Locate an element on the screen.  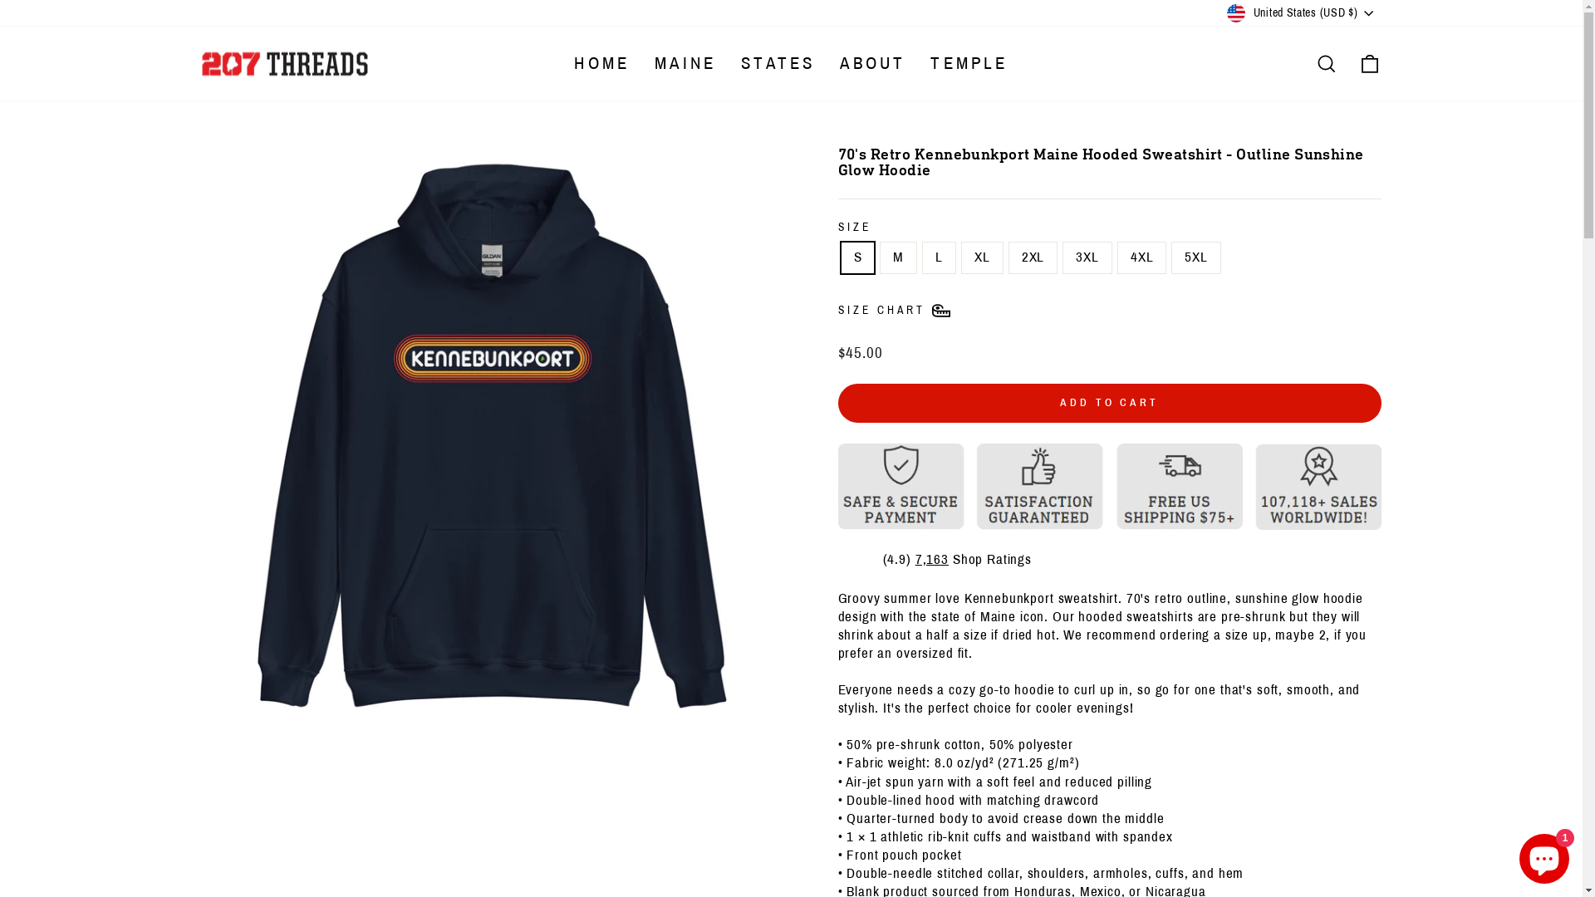
'Shopify online store chat' is located at coordinates (1543, 855).